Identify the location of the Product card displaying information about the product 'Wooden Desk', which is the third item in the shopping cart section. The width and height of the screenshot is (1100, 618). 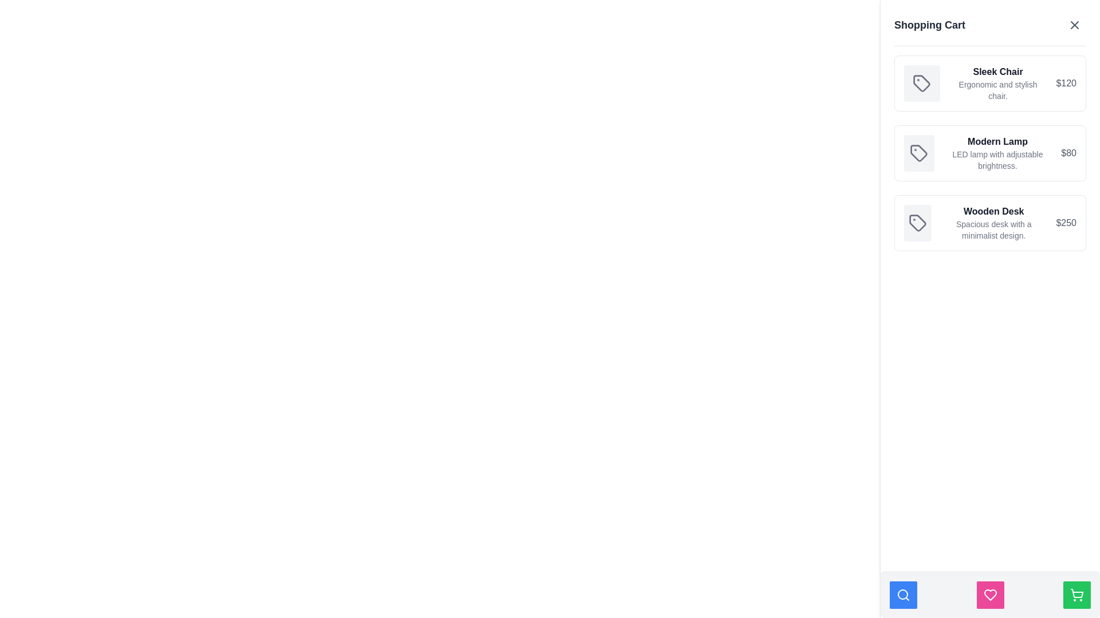
(989, 223).